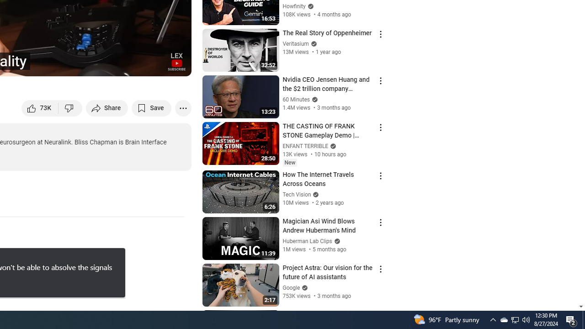  What do you see at coordinates (151, 107) in the screenshot?
I see `'Save to playlist'` at bounding box center [151, 107].